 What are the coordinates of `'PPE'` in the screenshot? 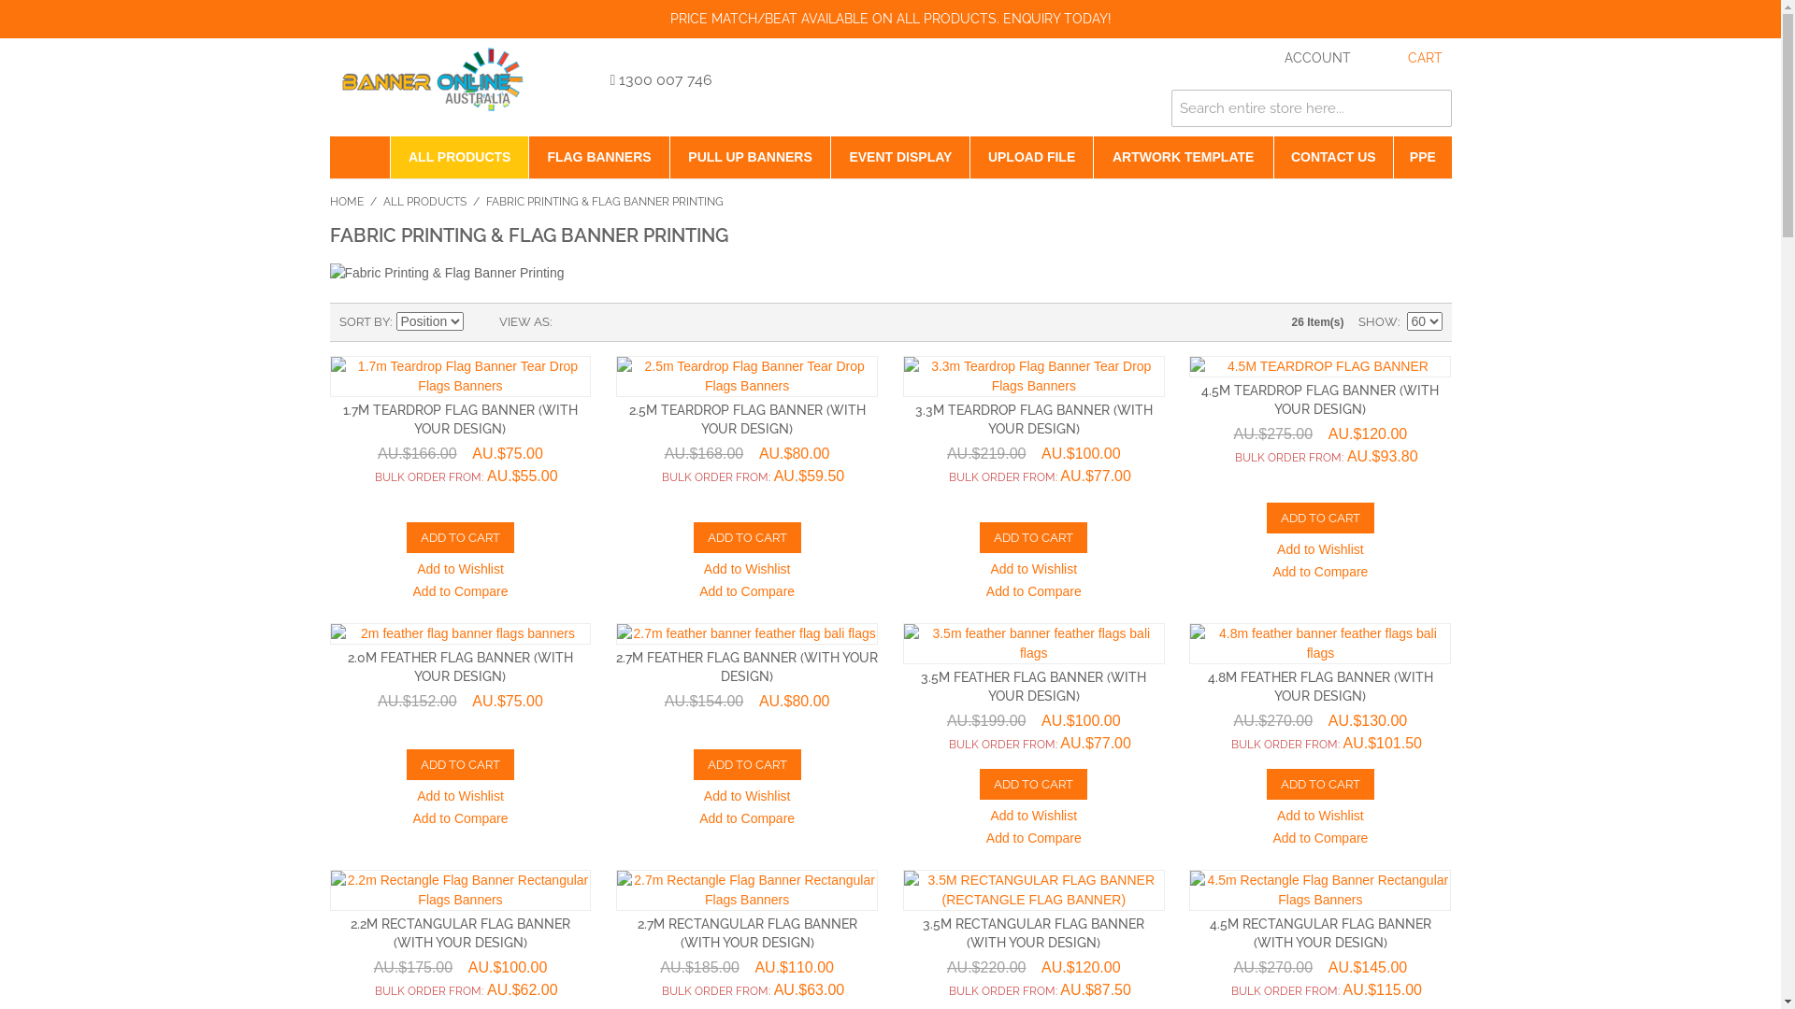 It's located at (1421, 156).